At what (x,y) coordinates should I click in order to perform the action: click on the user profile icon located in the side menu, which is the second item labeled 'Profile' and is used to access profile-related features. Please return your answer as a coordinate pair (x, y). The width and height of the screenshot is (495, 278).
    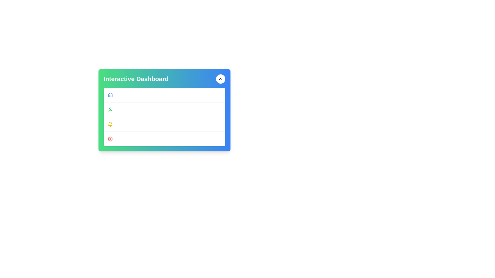
    Looking at the image, I should click on (110, 109).